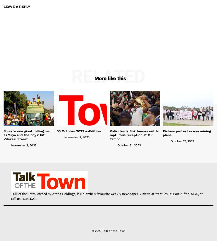 The height and width of the screenshot is (241, 217). Describe the element at coordinates (23, 145) in the screenshot. I see `'November 3, 2023'` at that location.